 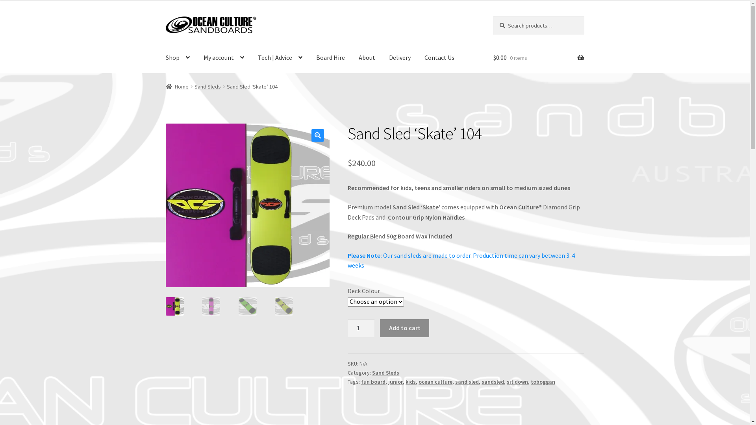 What do you see at coordinates (247, 205) in the screenshot?
I see `'Ocean Culture Sandboards [ Board Model - 'Skate' Sand Sled ]'` at bounding box center [247, 205].